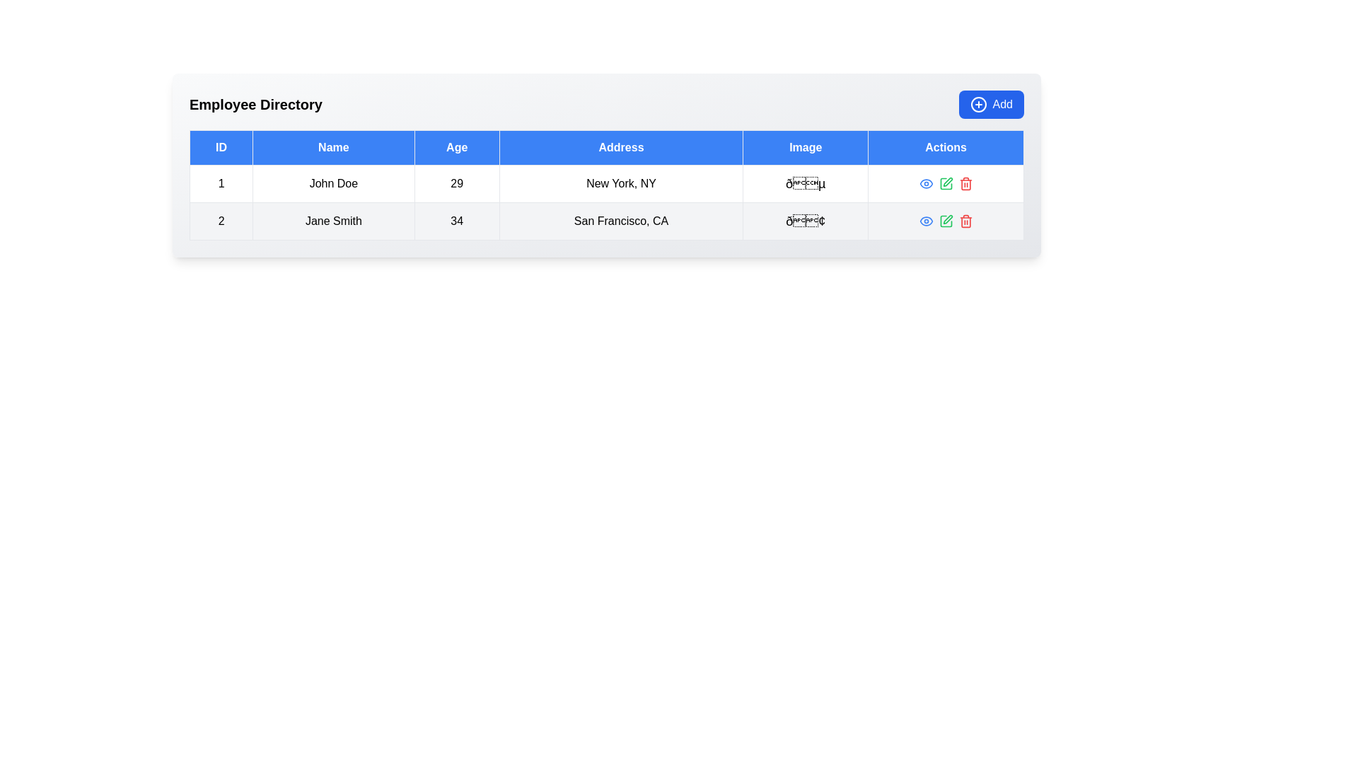 Image resolution: width=1358 pixels, height=764 pixels. What do you see at coordinates (948, 181) in the screenshot?
I see `the edit icon in the 'Actions' column for the second row entry ('Jane Smith')` at bounding box center [948, 181].